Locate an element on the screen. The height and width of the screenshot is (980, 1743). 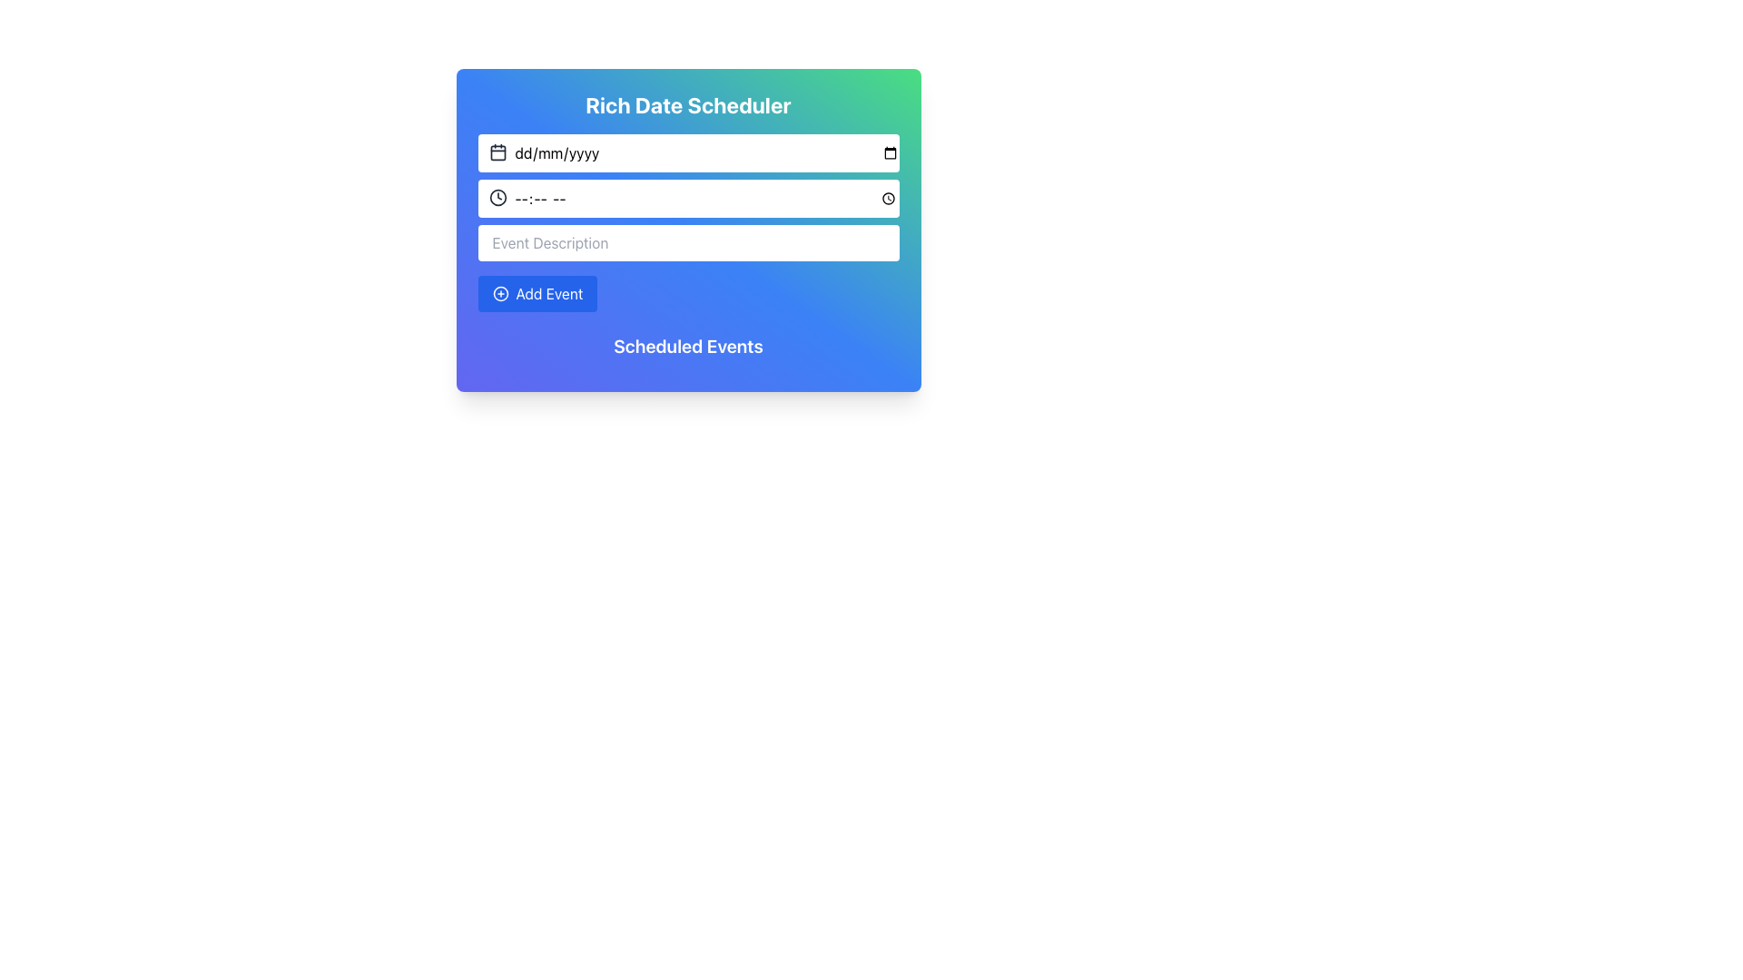
a time from the time input field located below the date input field in the 'Add Event' form is located at coordinates (687, 199).